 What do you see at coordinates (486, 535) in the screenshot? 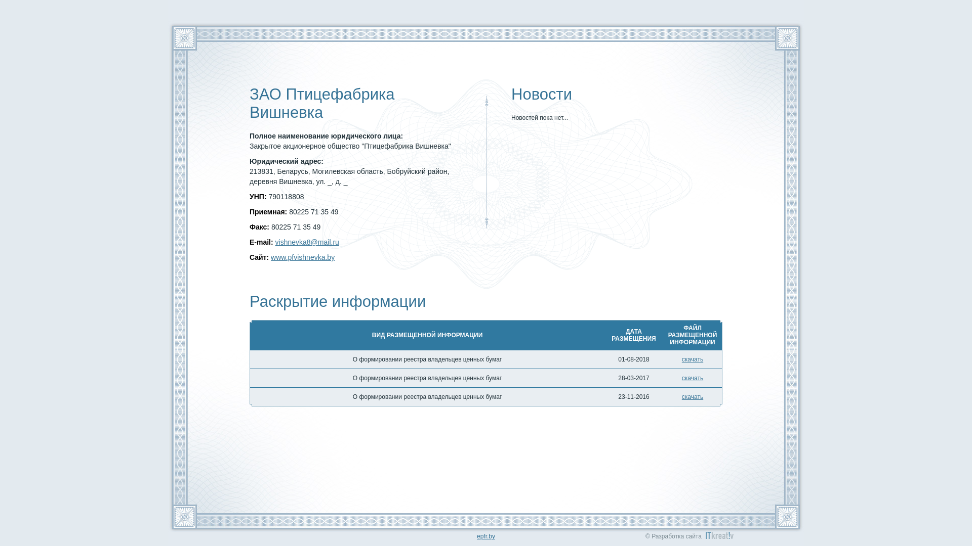
I see `'epfr.by'` at bounding box center [486, 535].